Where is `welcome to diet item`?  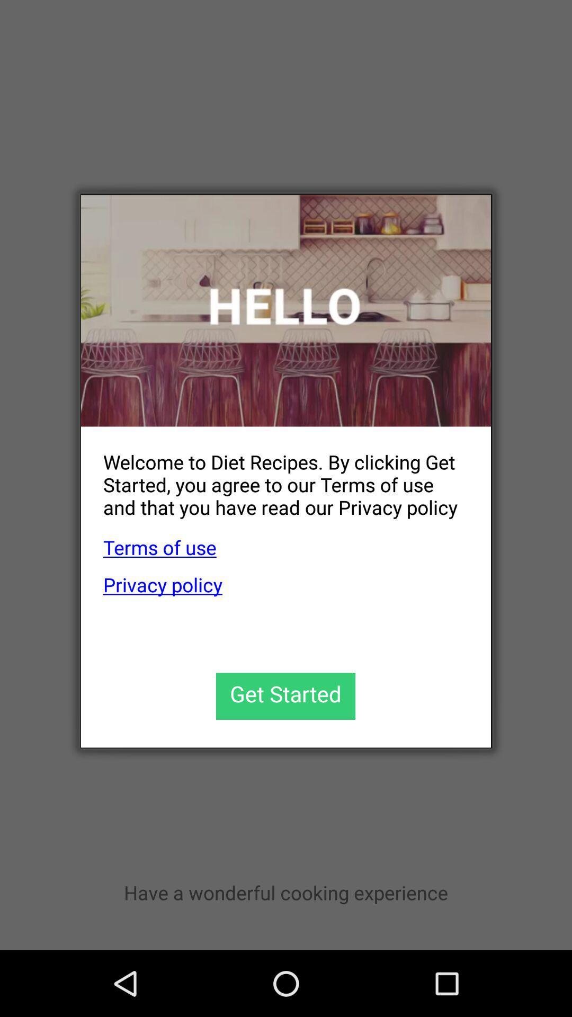
welcome to diet item is located at coordinates (274, 476).